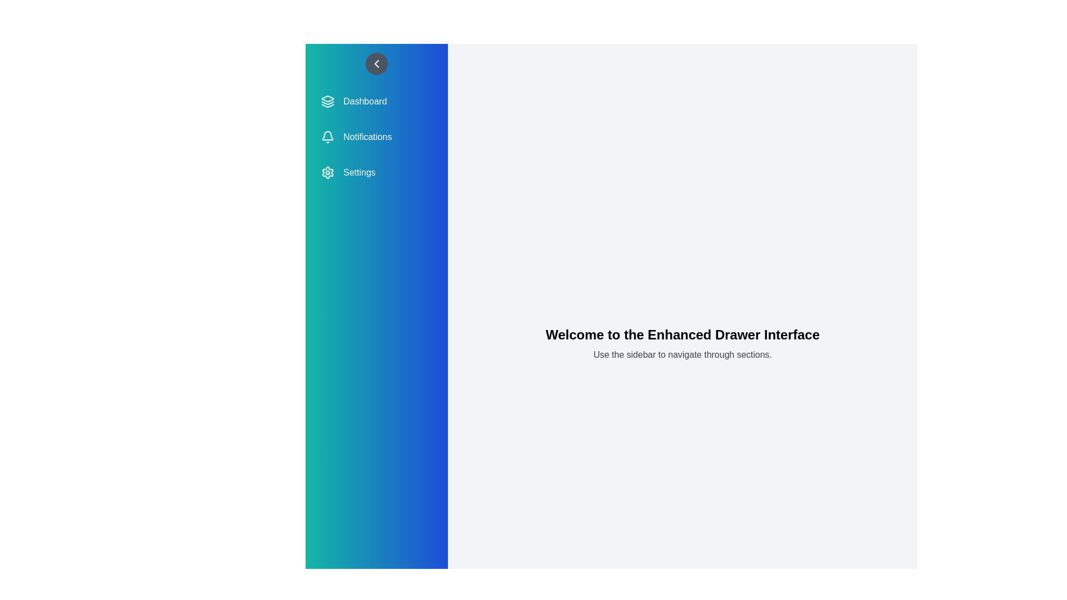 This screenshot has height=600, width=1067. I want to click on the menu item Notifications from the sidebar, so click(376, 136).